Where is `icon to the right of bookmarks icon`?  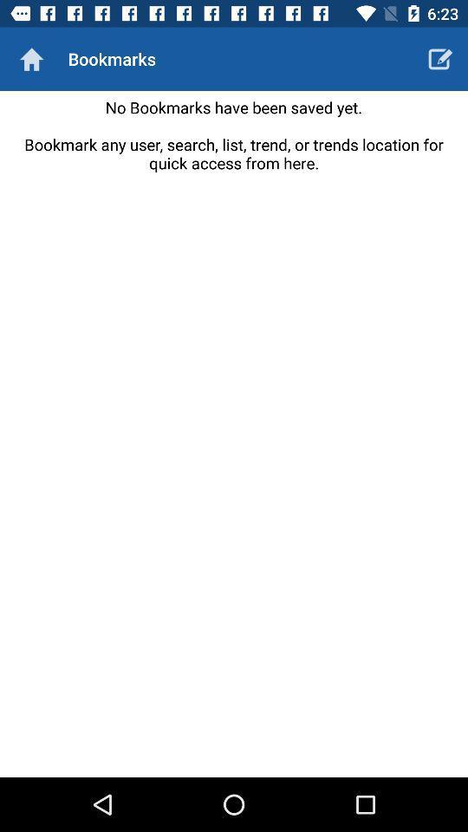
icon to the right of bookmarks icon is located at coordinates (440, 59).